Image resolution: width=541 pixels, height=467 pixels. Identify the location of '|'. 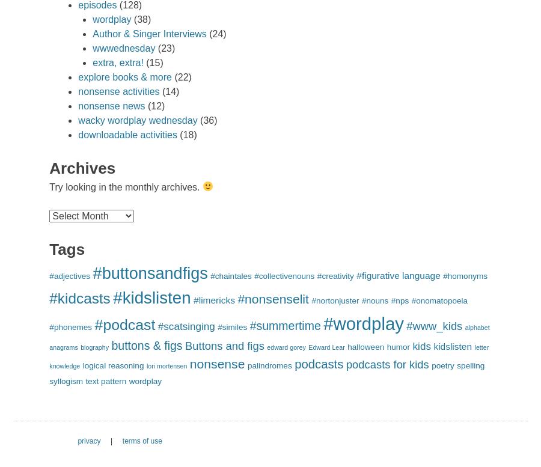
(111, 440).